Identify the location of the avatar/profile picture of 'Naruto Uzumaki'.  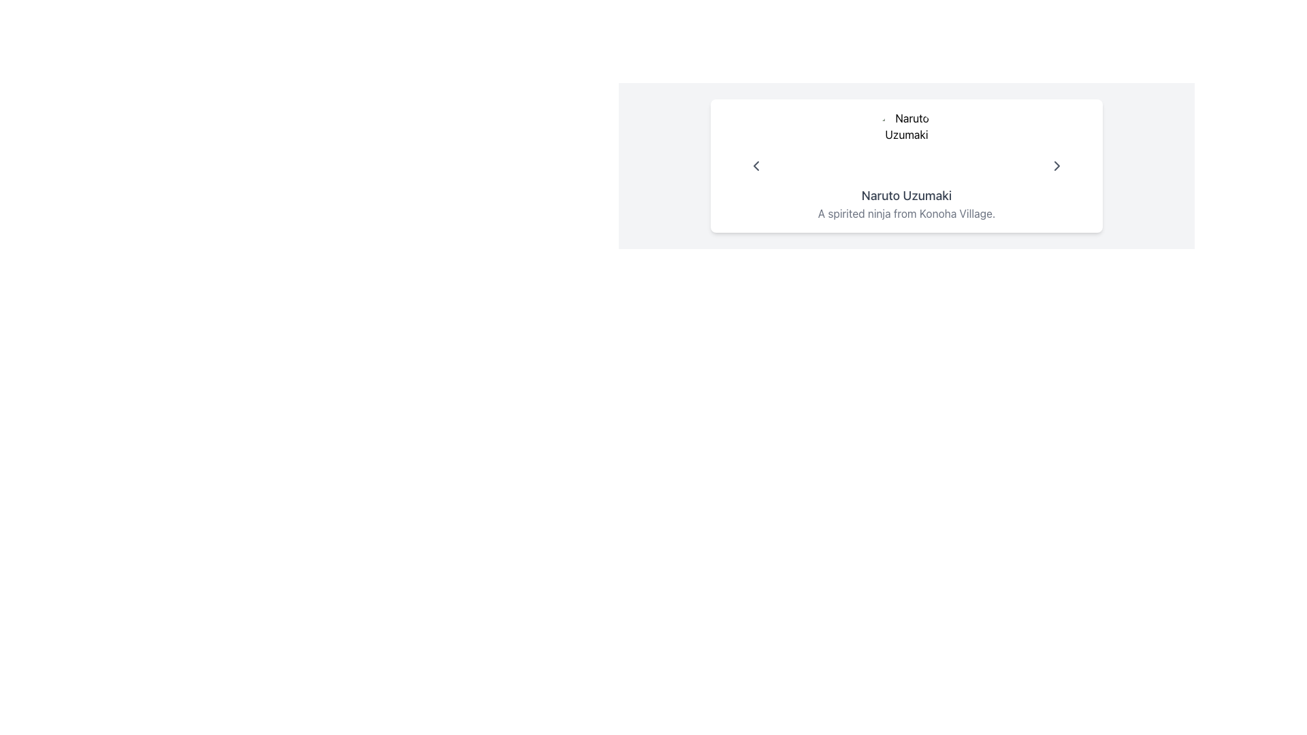
(906, 142).